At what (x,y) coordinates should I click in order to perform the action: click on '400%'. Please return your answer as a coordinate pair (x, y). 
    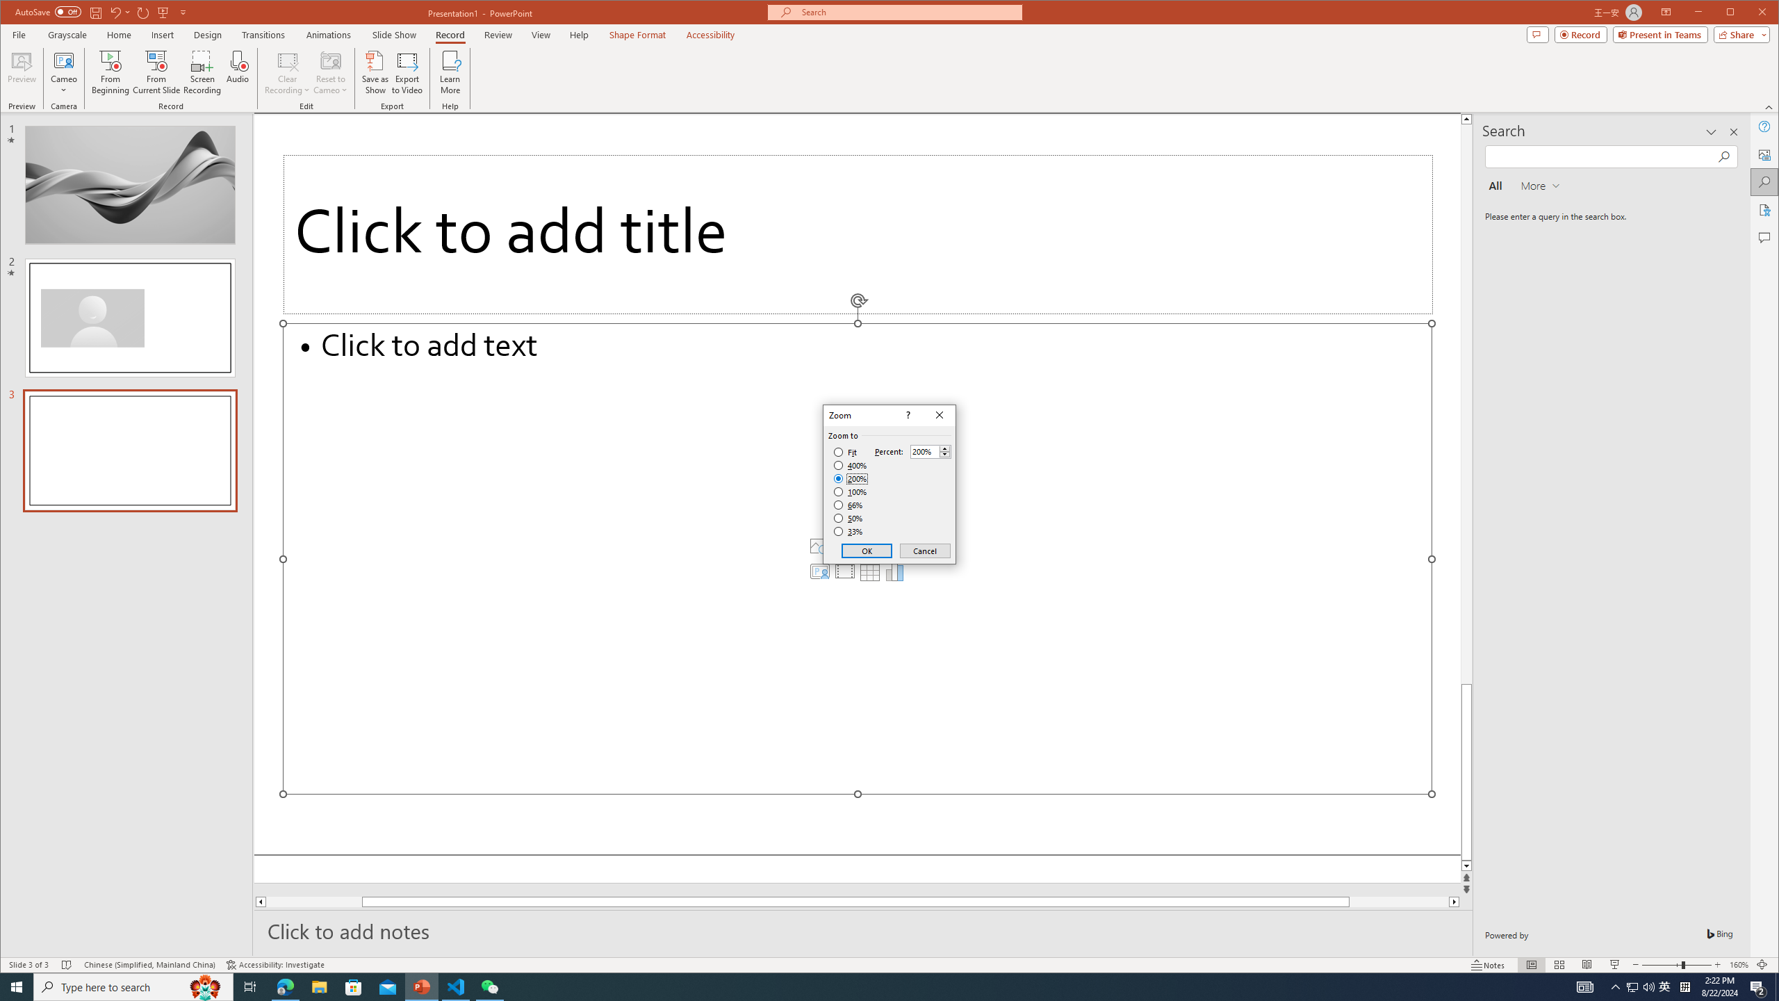
    Looking at the image, I should click on (850, 466).